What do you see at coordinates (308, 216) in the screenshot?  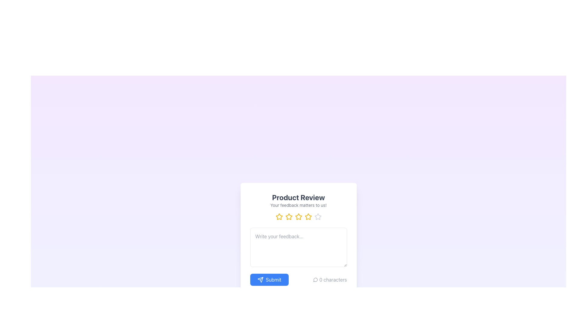 I see `the fourth star in the horizontal series of rating stars, located below the 'Product Review' text and above the text input field` at bounding box center [308, 216].